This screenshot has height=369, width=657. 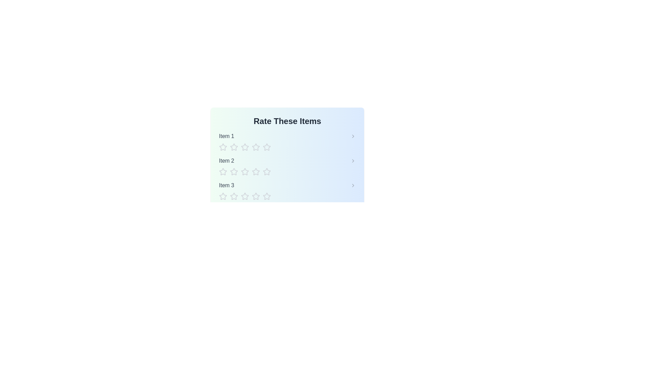 I want to click on the star corresponding to the rating 1 for item Item 2, so click(x=223, y=171).